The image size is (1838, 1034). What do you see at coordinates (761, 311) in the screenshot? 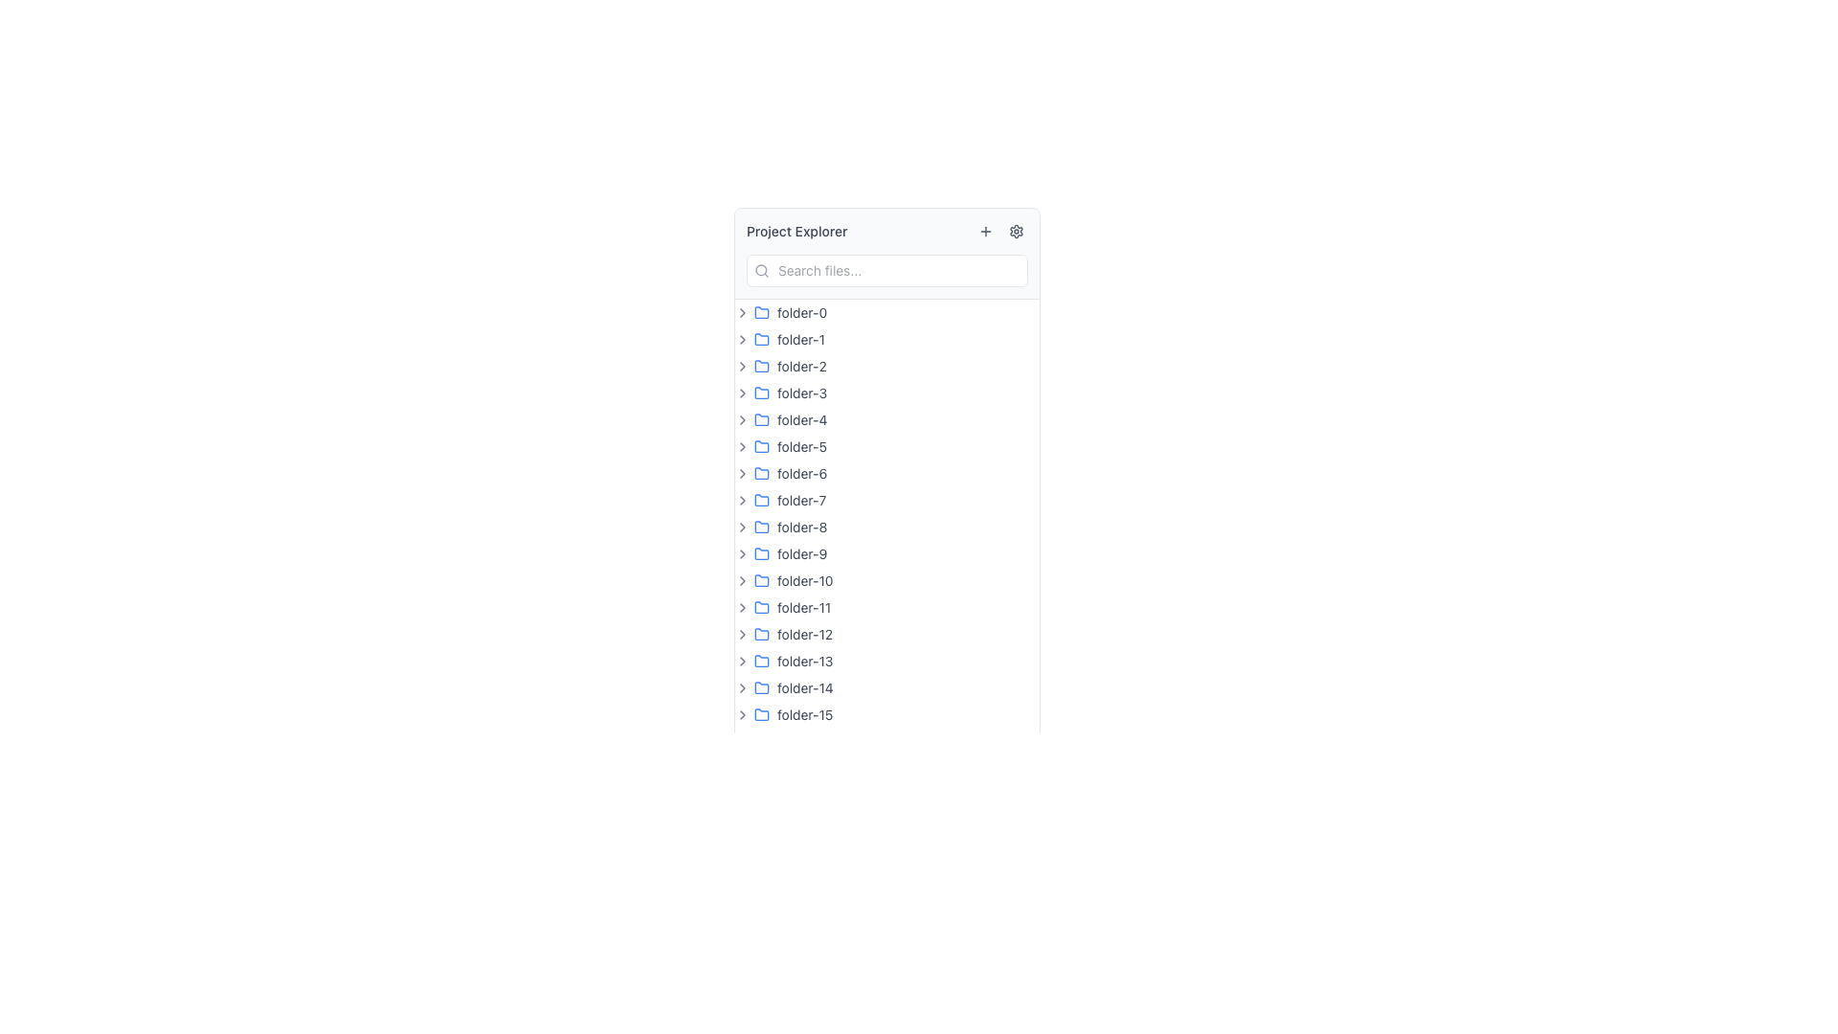
I see `the folder icon with a blue outline located in the 'Project Explorer' panel preceding the label 'folder-0'` at bounding box center [761, 311].